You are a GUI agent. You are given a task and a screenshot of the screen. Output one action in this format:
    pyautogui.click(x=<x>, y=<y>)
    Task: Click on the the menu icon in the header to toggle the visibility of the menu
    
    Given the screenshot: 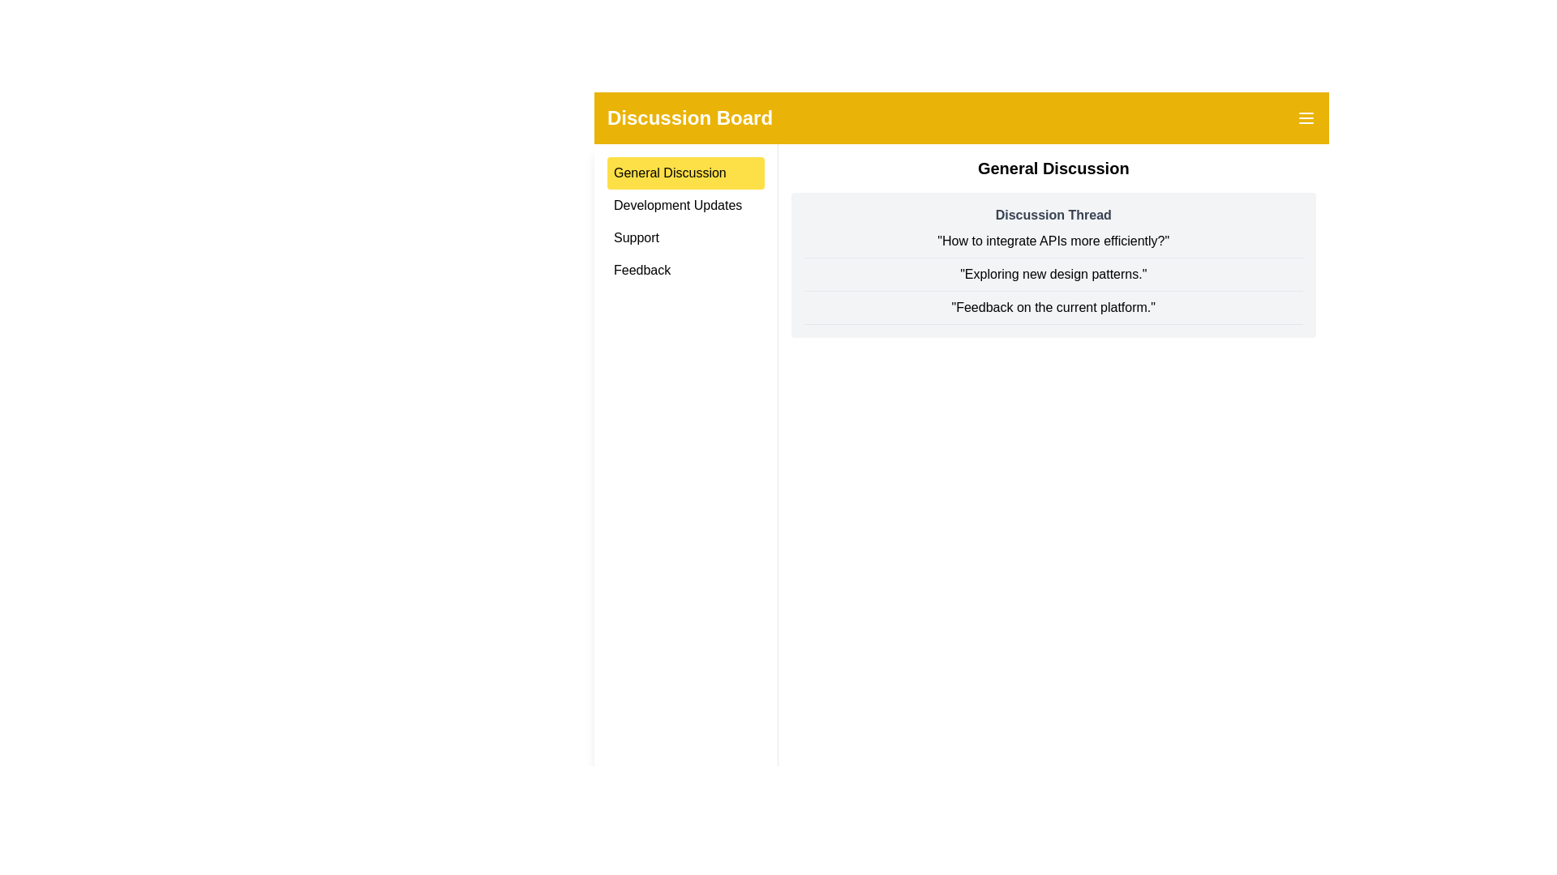 What is the action you would take?
    pyautogui.click(x=1306, y=117)
    